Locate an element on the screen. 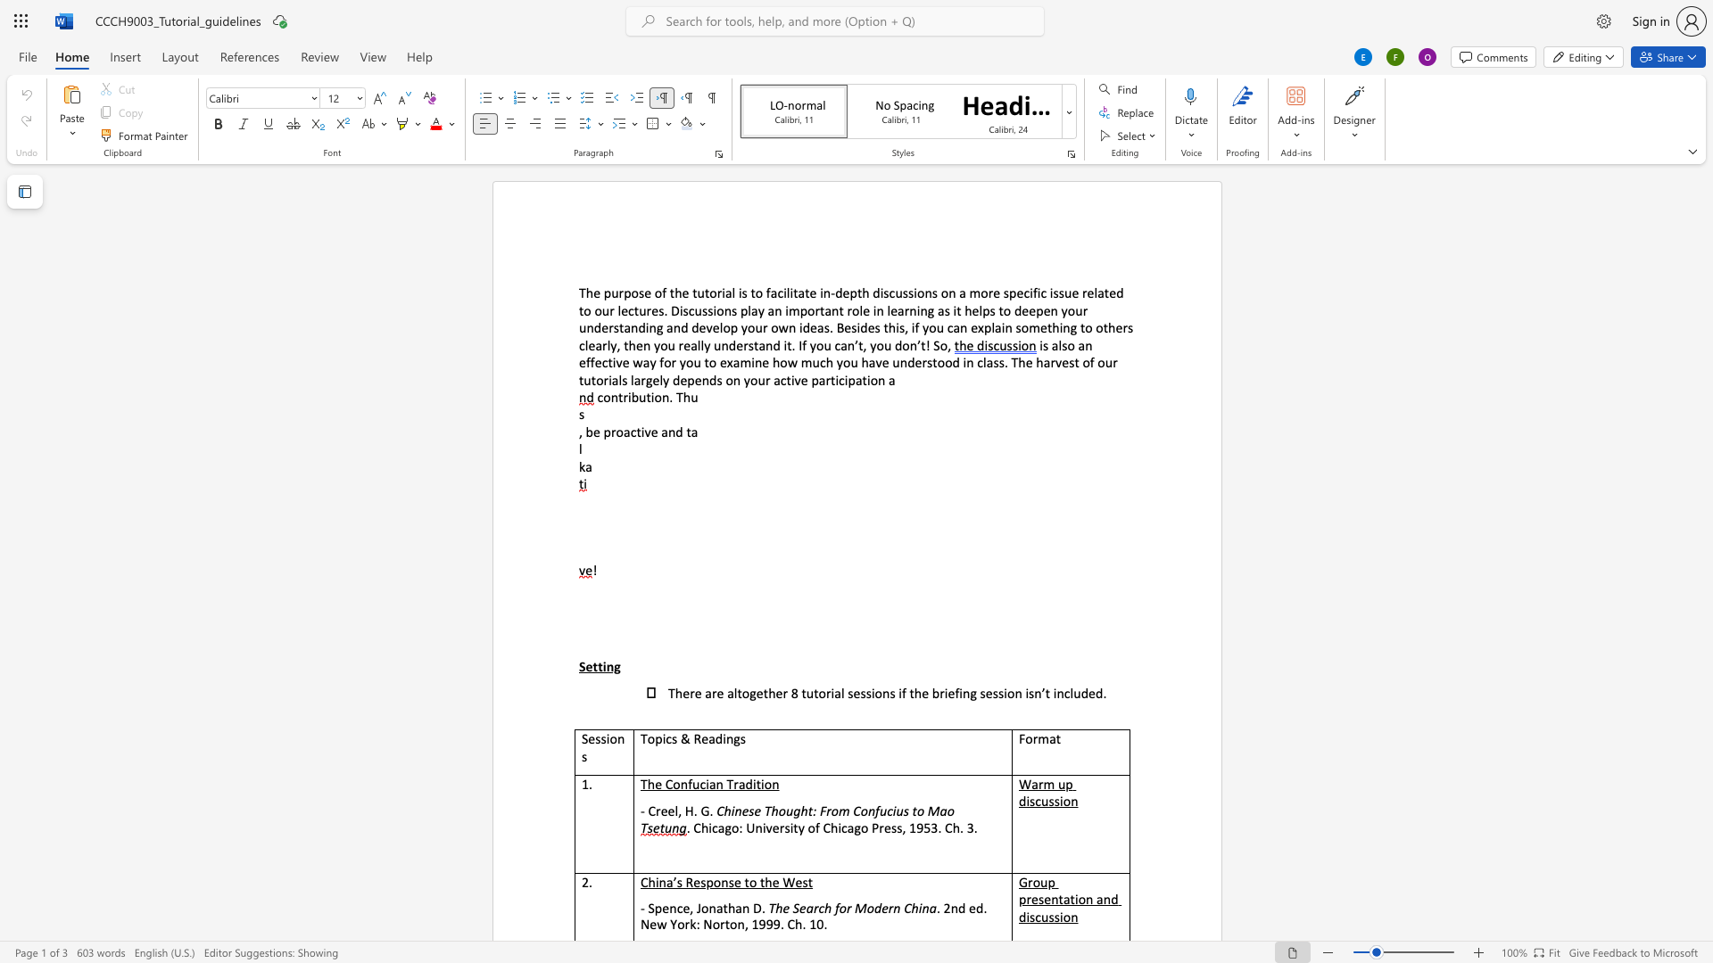  the space between the continuous character "v" and "e" in the text is located at coordinates (650, 432).